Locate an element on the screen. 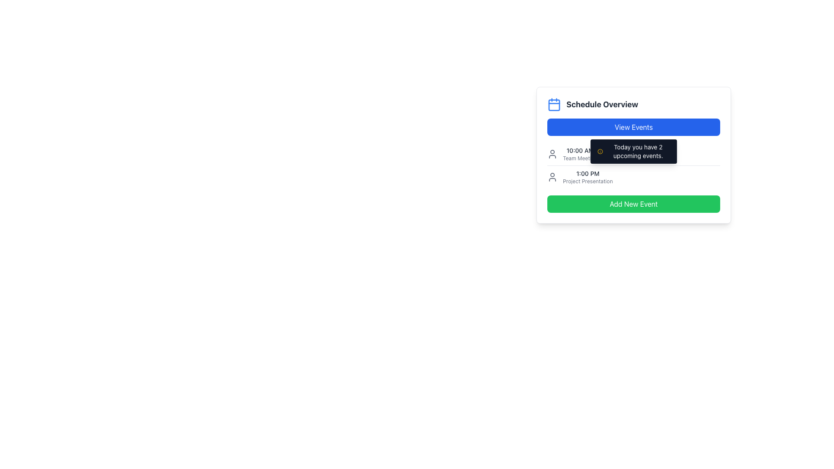 The image size is (834, 469). the first list item that provides information about an event scheduled for 10:00 AM is located at coordinates (634, 153).